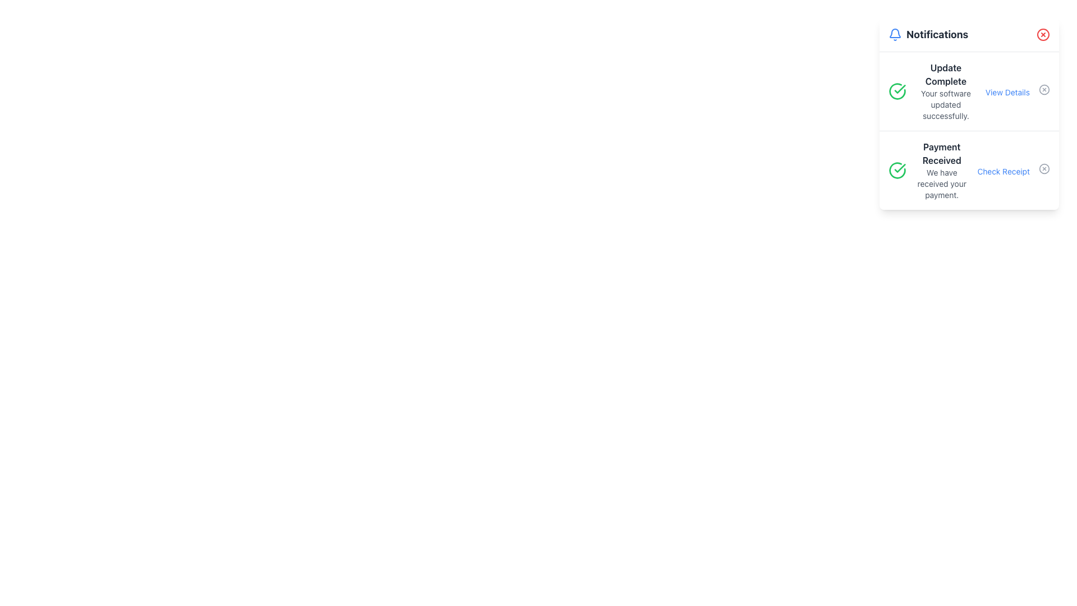 The width and height of the screenshot is (1077, 606). I want to click on the Text Label that indicates the section's purpose for the notification dropdown, positioned to the right of the bell icon, so click(937, 34).